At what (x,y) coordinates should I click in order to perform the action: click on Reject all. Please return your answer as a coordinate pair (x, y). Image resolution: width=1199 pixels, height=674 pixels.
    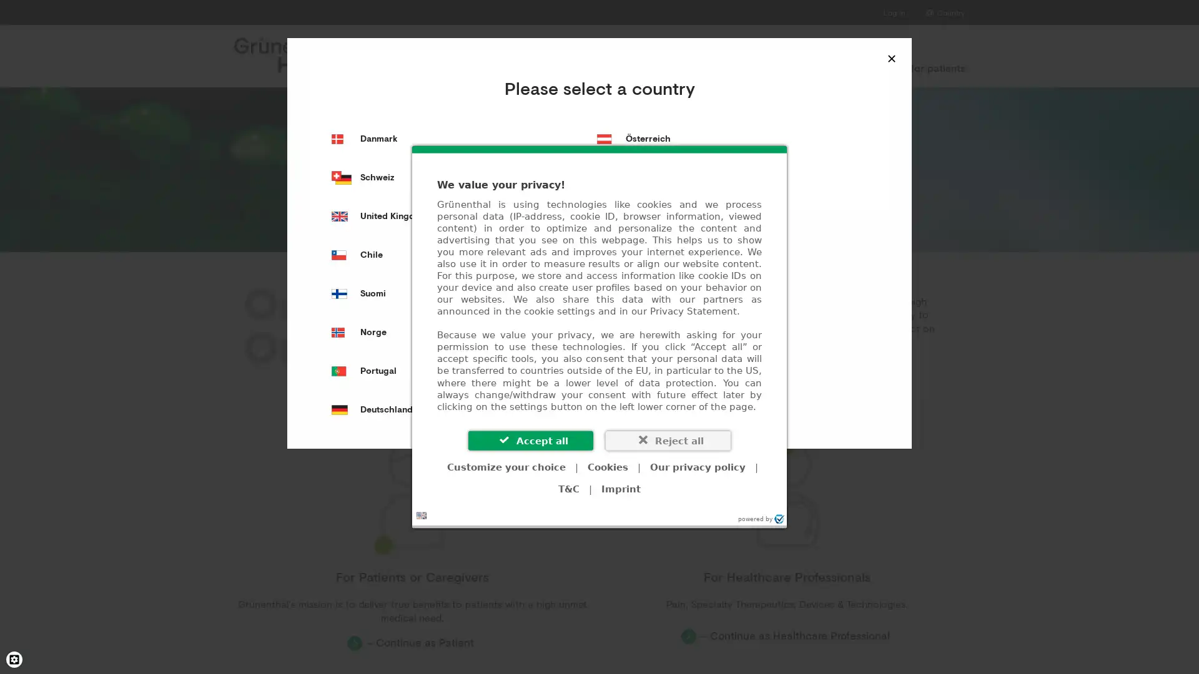
    Looking at the image, I should click on (668, 439).